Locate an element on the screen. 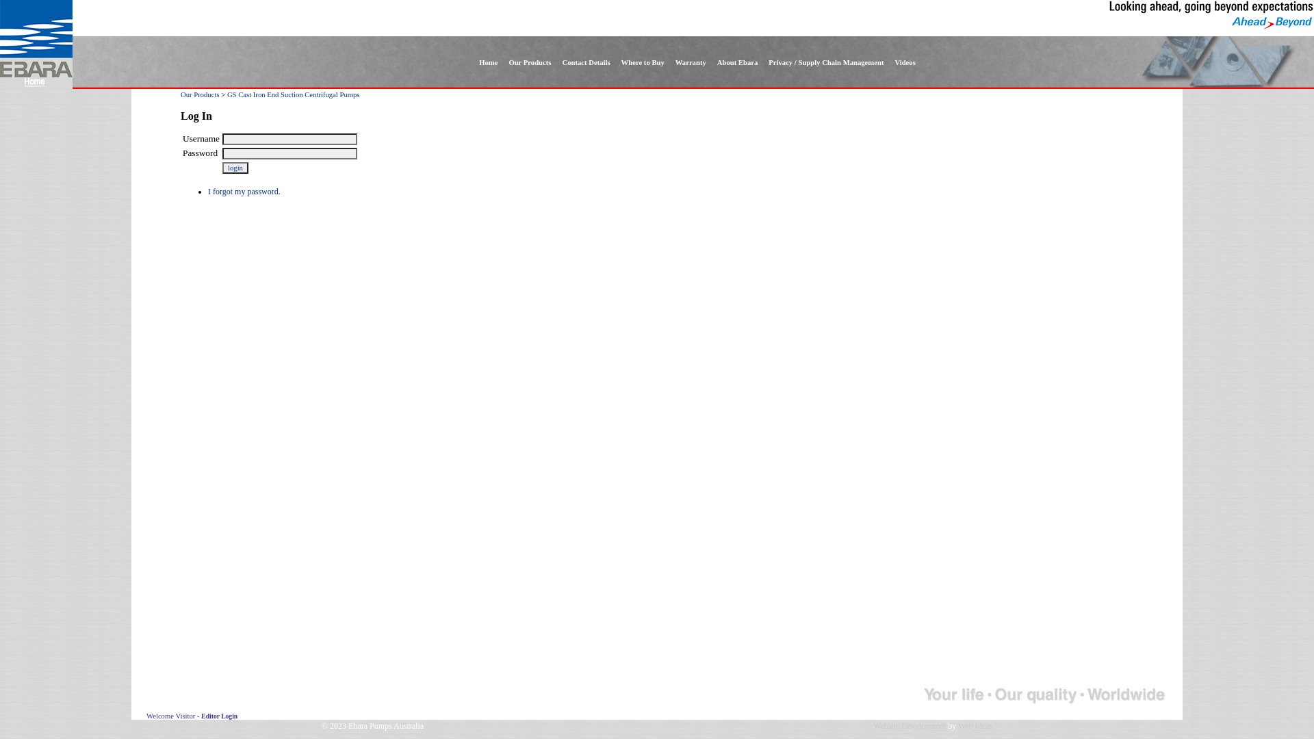 Image resolution: width=1314 pixels, height=739 pixels. 'Web Ideas' is located at coordinates (975, 725).